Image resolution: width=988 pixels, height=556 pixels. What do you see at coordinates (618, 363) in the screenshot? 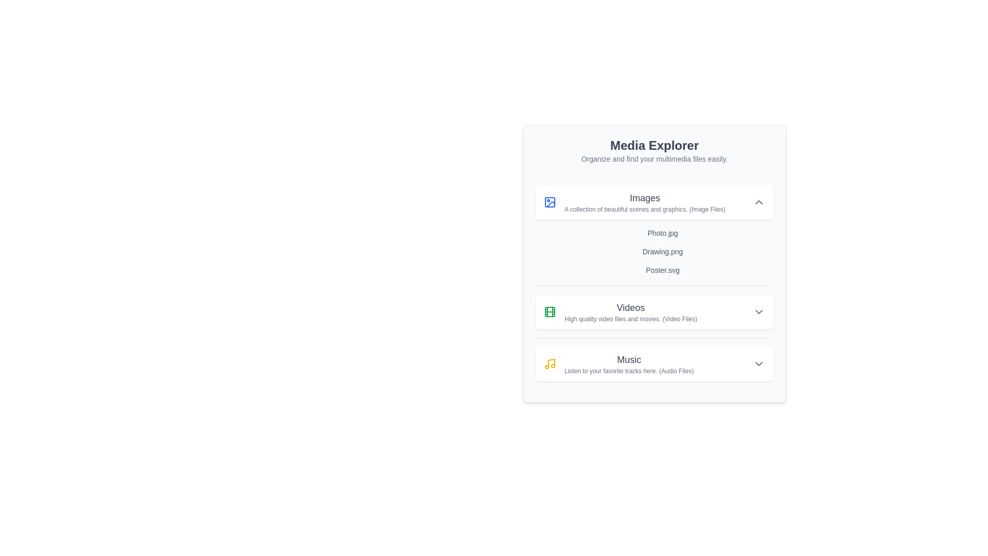
I see `the interactive music card, which is the third item in a vertically stacked list, located between the 'Videos' section and other entries` at bounding box center [618, 363].